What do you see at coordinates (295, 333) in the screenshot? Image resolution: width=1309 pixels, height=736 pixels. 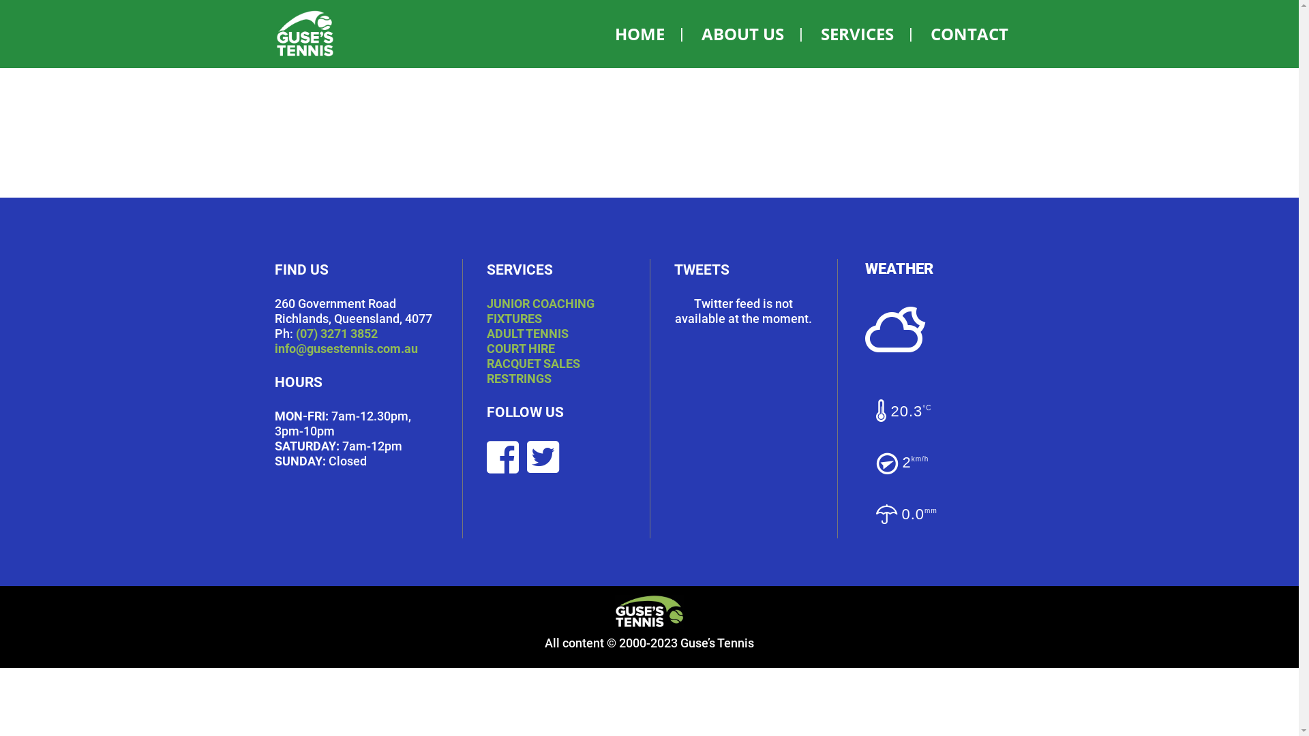 I see `'(07) 3271 3852'` at bounding box center [295, 333].